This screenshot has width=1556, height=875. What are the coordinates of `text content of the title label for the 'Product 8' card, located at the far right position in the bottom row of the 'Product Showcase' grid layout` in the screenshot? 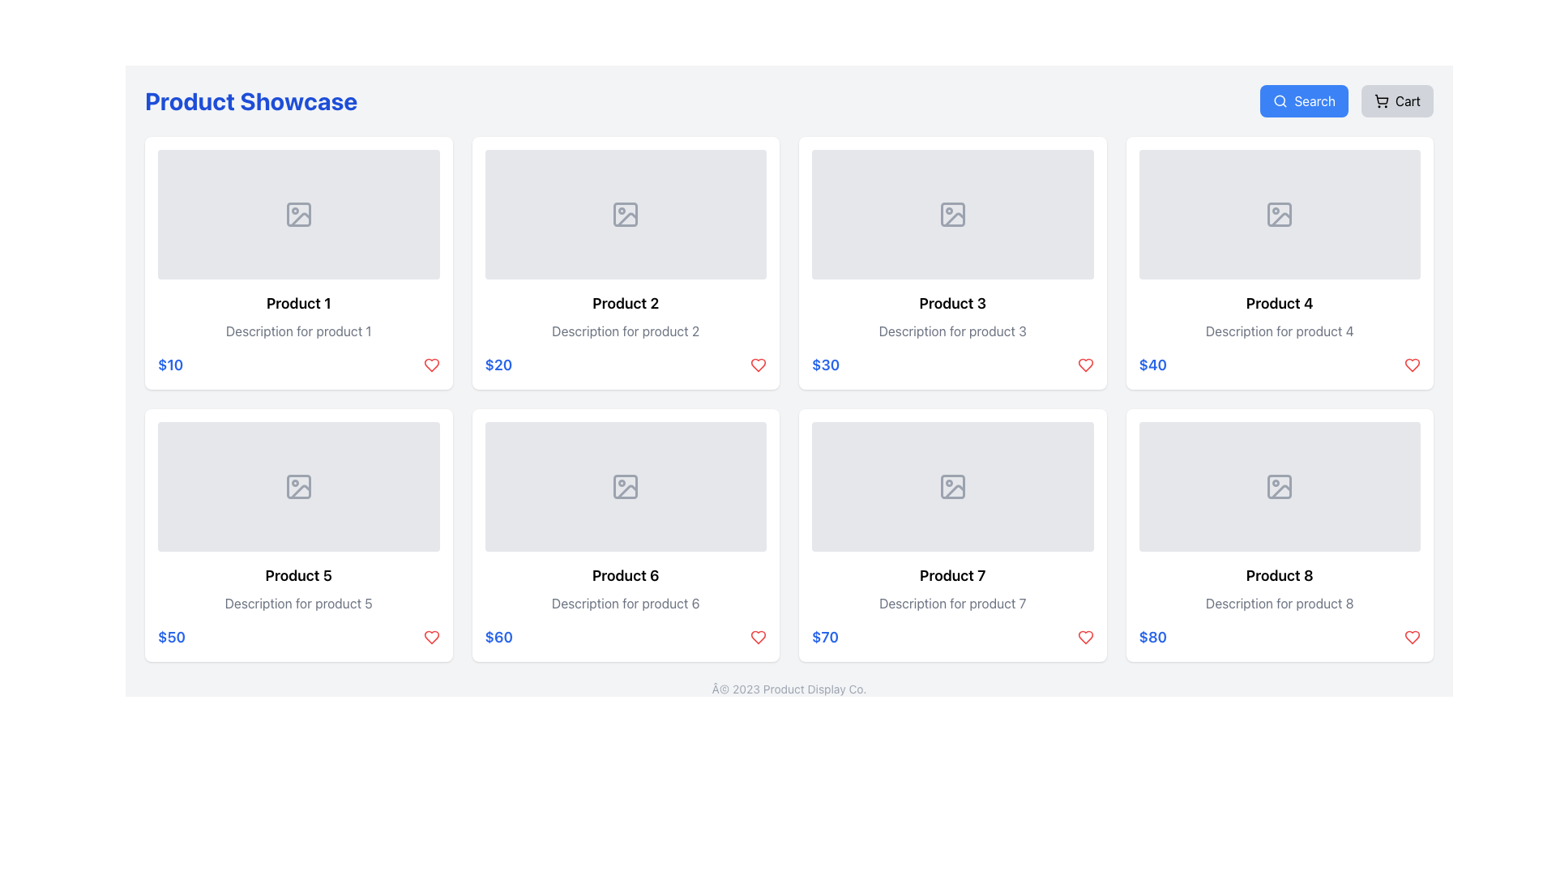 It's located at (1279, 574).